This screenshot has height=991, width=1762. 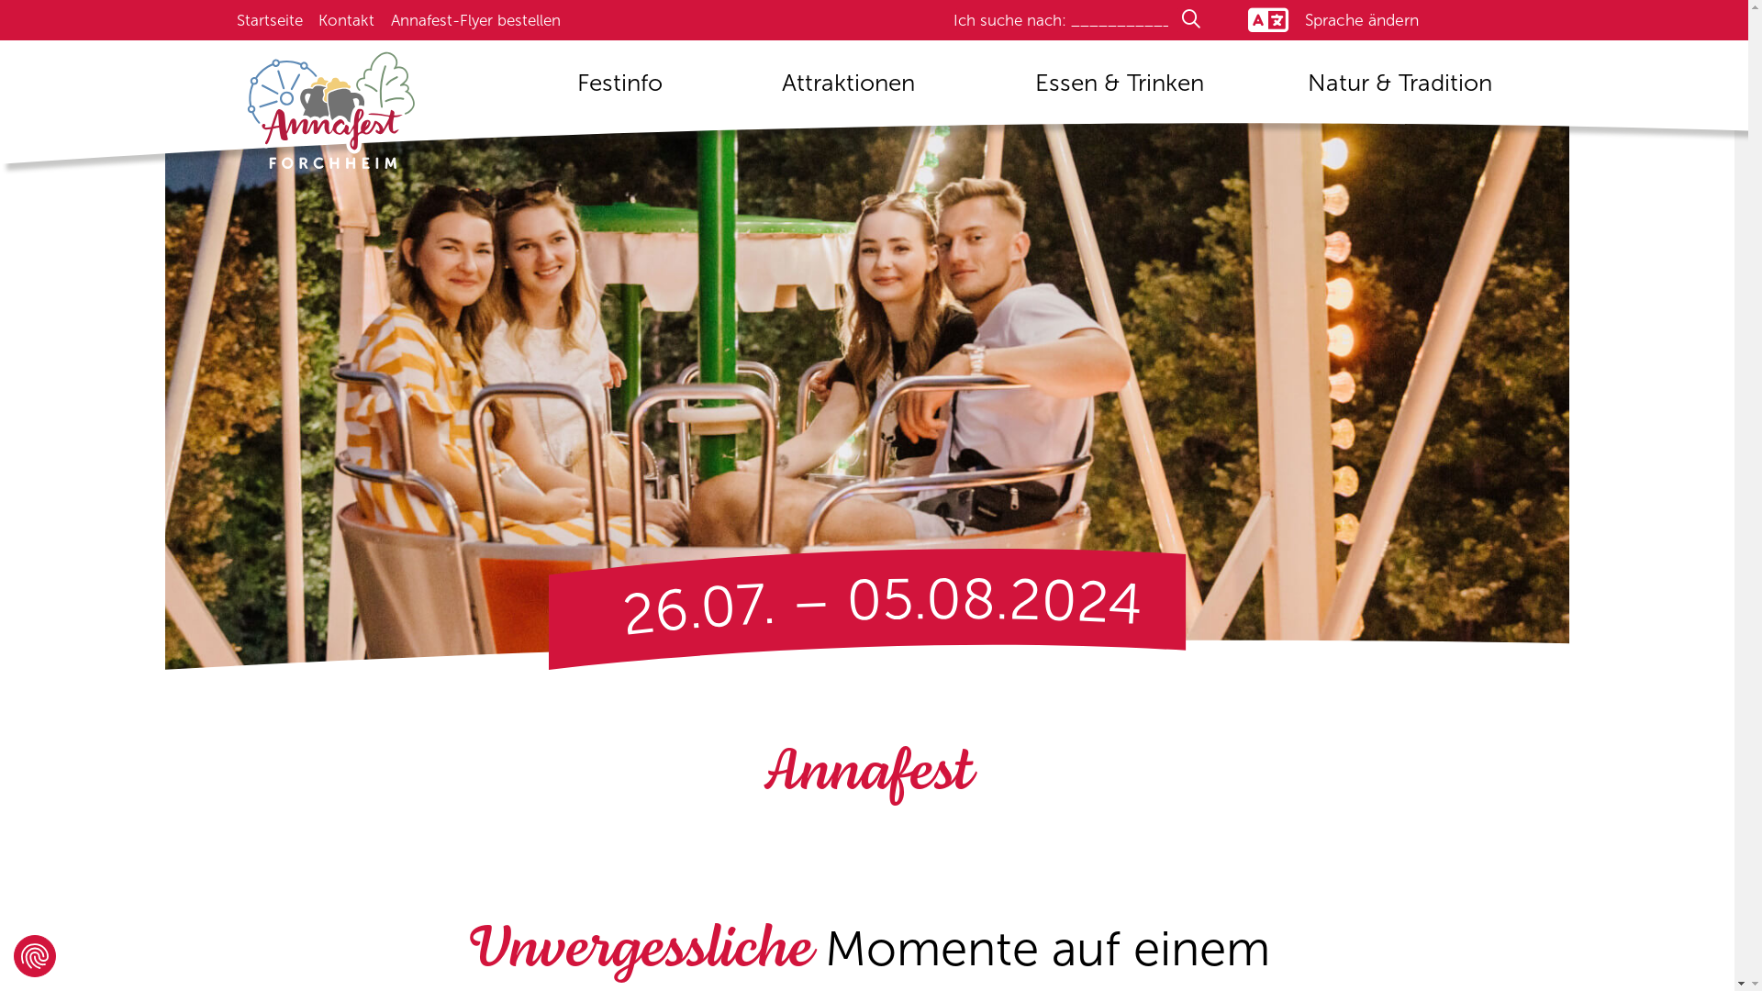 What do you see at coordinates (475, 20) in the screenshot?
I see `'Annafest-Flyer bestellen'` at bounding box center [475, 20].